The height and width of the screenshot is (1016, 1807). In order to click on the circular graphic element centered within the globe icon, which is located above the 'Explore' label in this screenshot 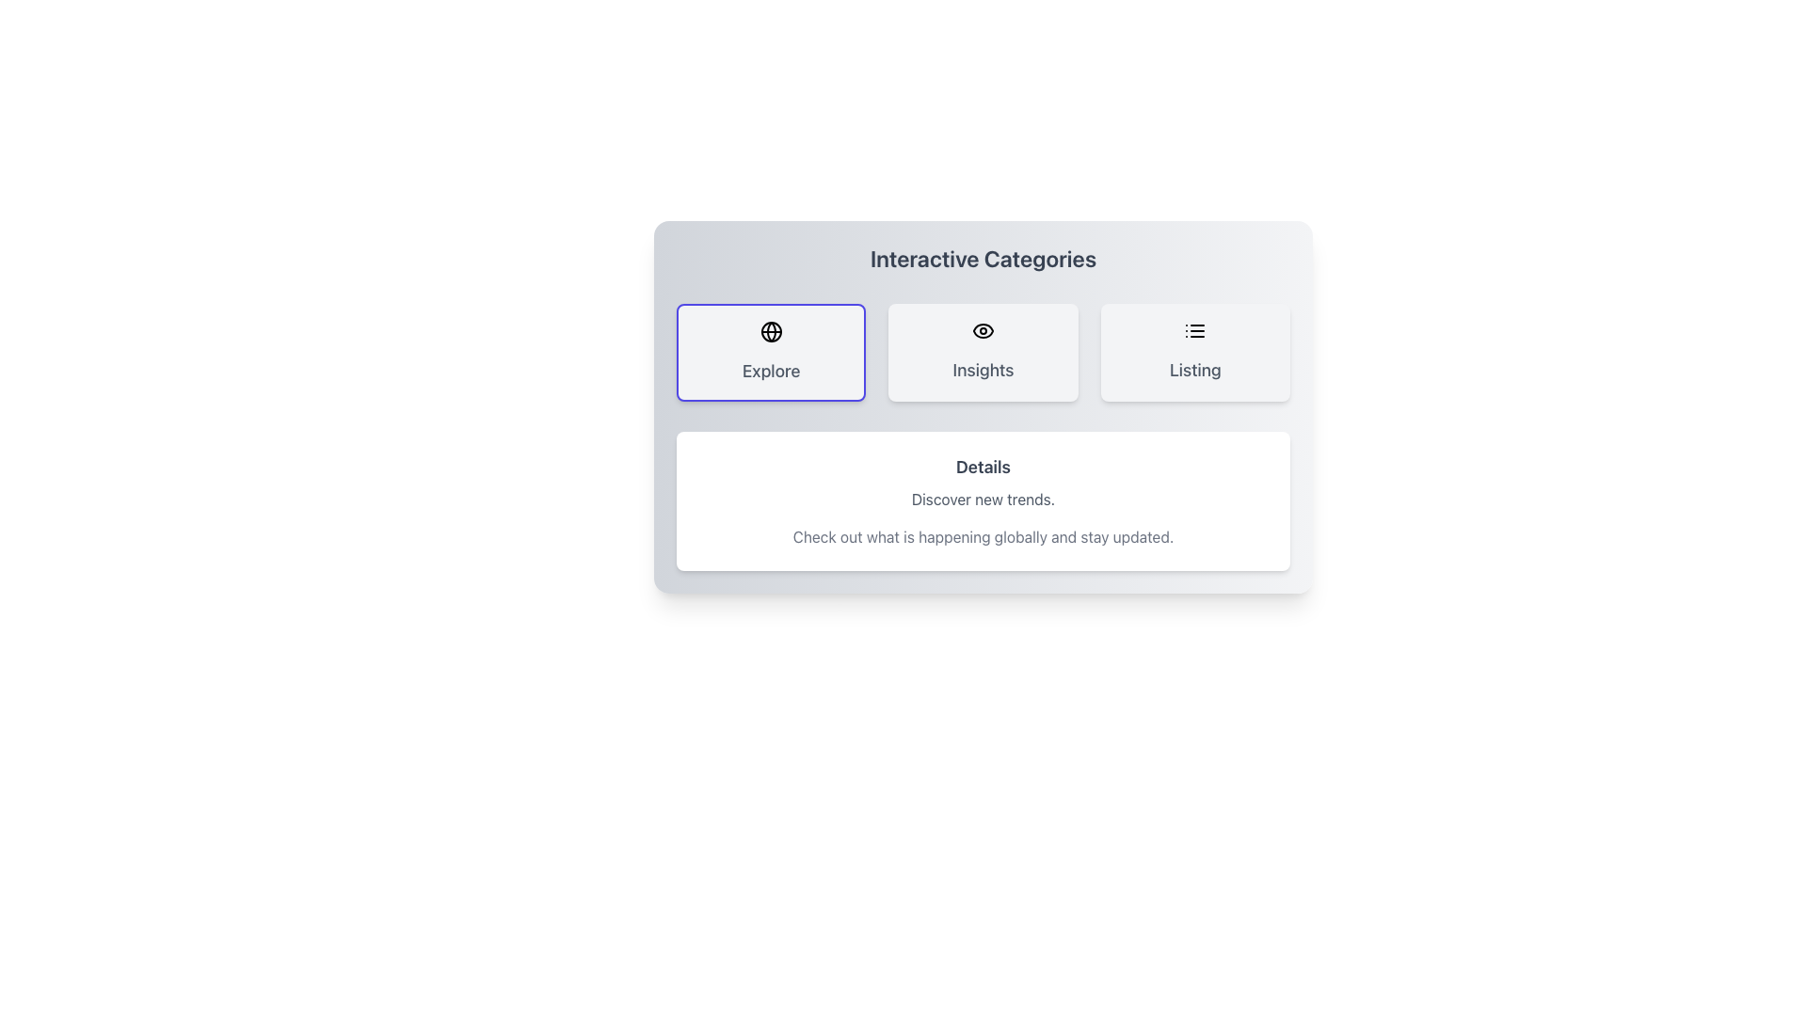, I will do `click(771, 331)`.